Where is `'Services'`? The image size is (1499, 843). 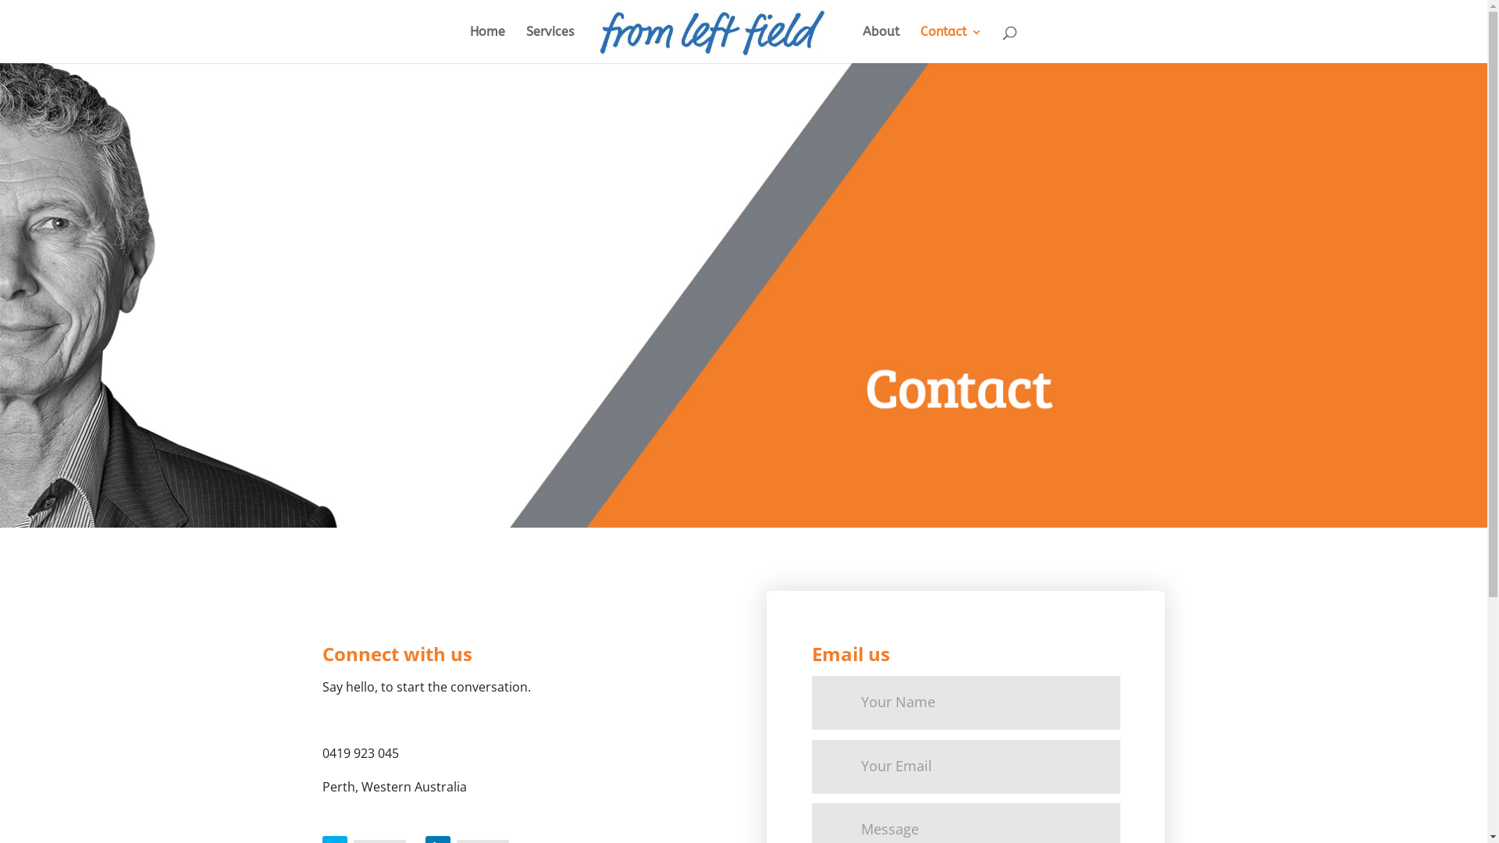 'Services' is located at coordinates (550, 44).